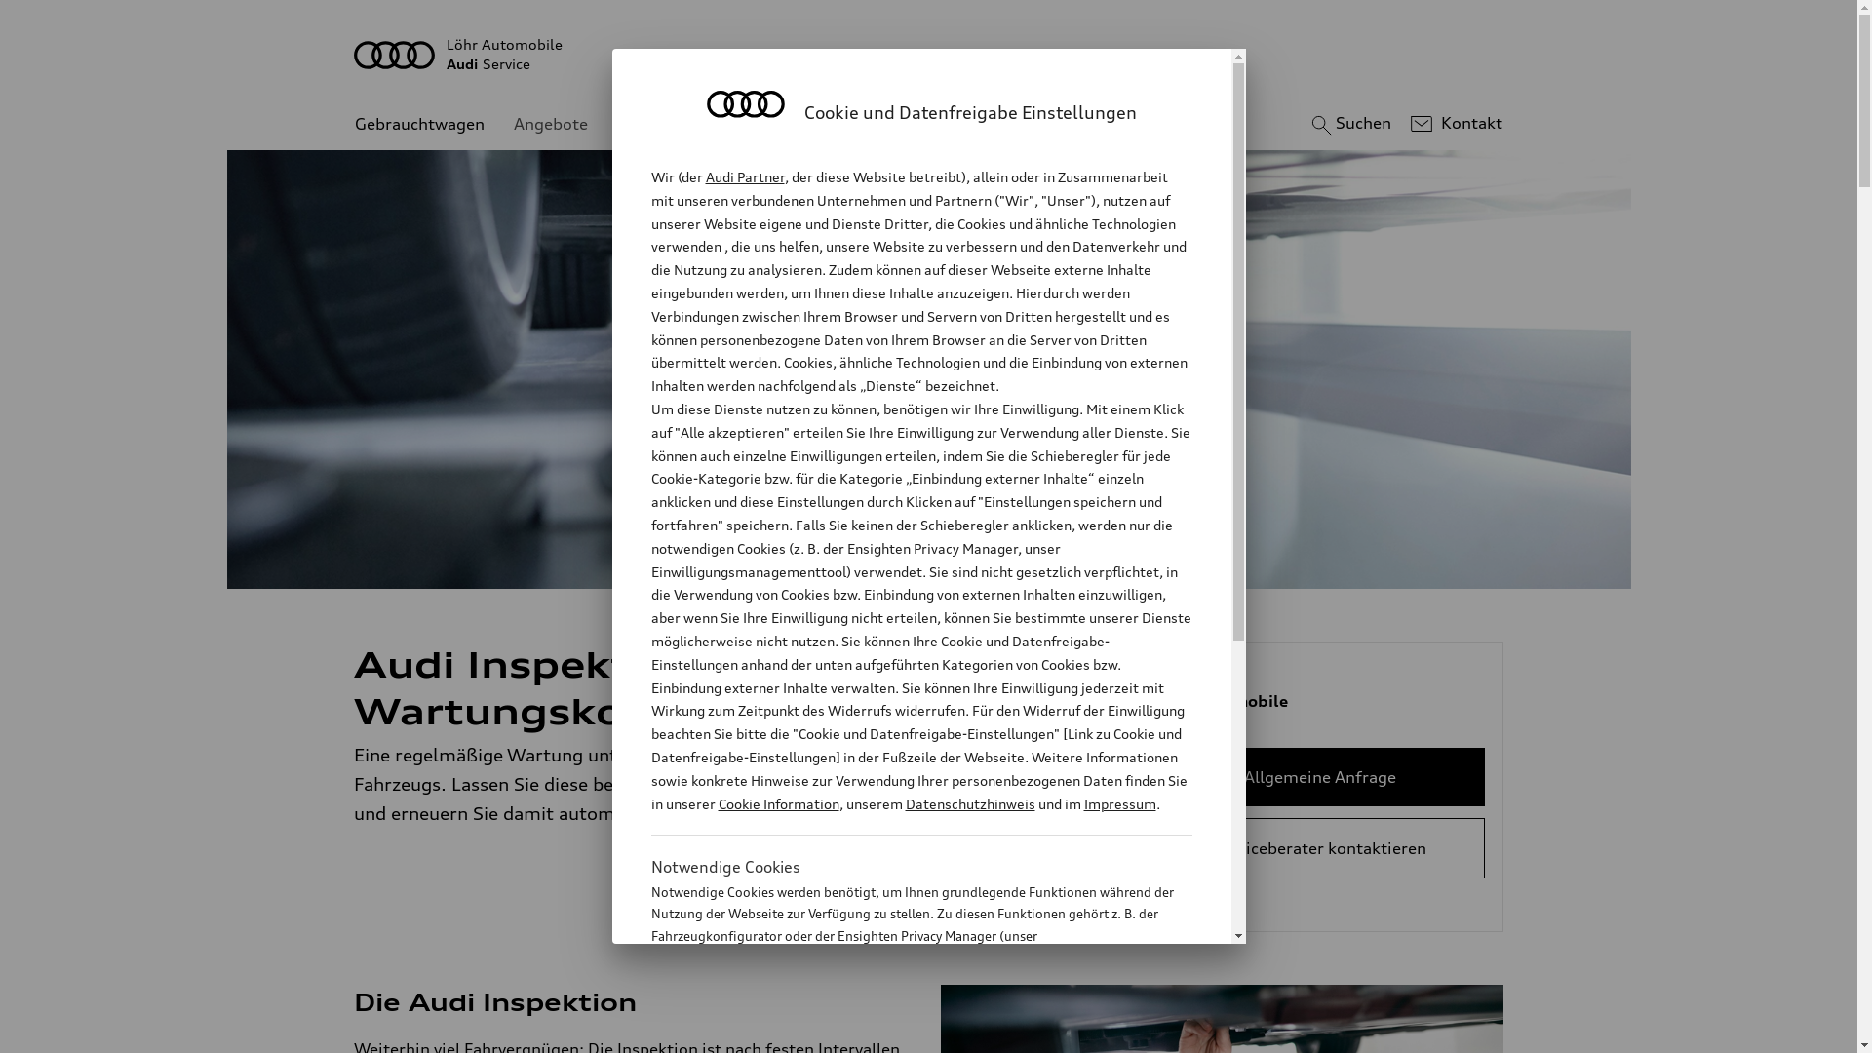 This screenshot has height=1053, width=1872. What do you see at coordinates (418, 124) in the screenshot?
I see `'Gebrauchtwagen'` at bounding box center [418, 124].